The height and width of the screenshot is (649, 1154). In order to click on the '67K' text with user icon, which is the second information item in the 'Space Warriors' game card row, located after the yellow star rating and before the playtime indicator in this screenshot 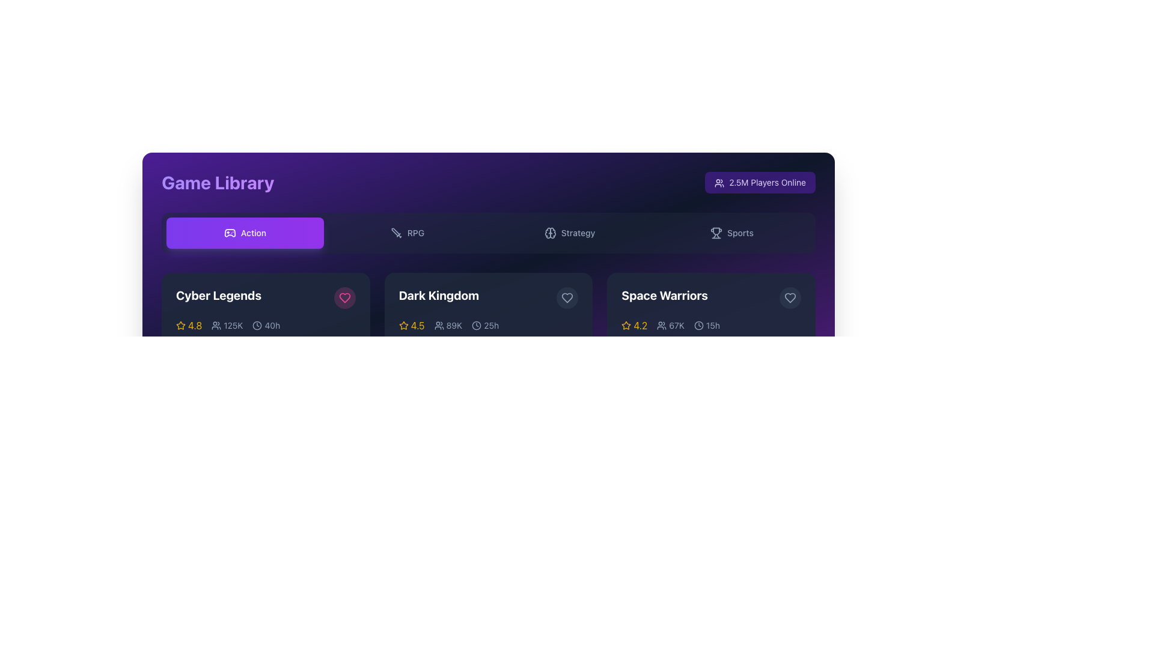, I will do `click(670, 326)`.